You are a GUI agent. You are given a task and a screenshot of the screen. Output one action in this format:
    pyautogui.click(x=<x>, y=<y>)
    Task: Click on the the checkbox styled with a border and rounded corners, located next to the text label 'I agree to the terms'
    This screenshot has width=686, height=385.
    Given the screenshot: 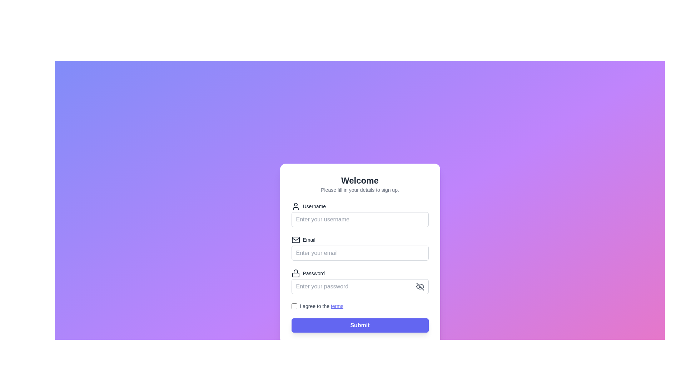 What is the action you would take?
    pyautogui.click(x=294, y=306)
    